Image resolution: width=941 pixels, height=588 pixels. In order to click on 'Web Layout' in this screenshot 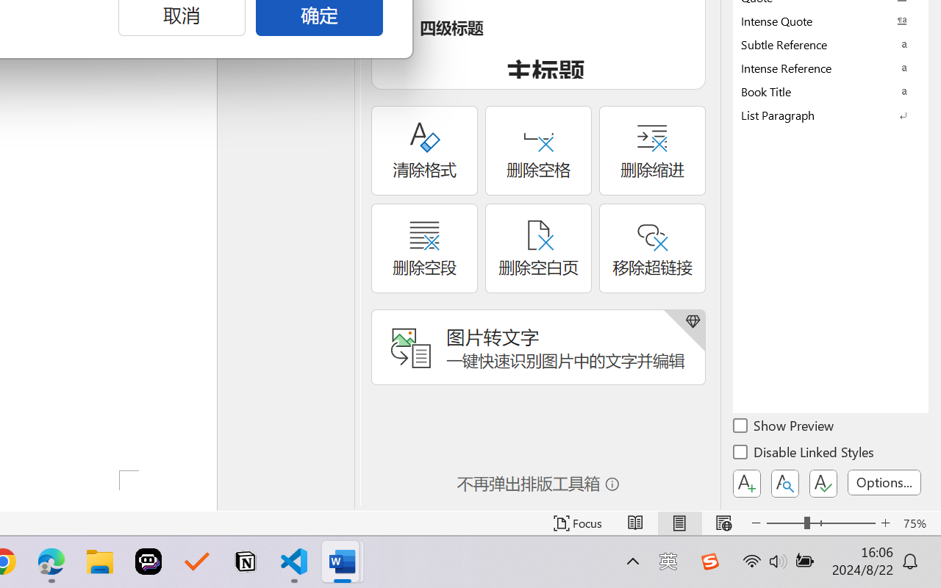, I will do `click(723, 523)`.